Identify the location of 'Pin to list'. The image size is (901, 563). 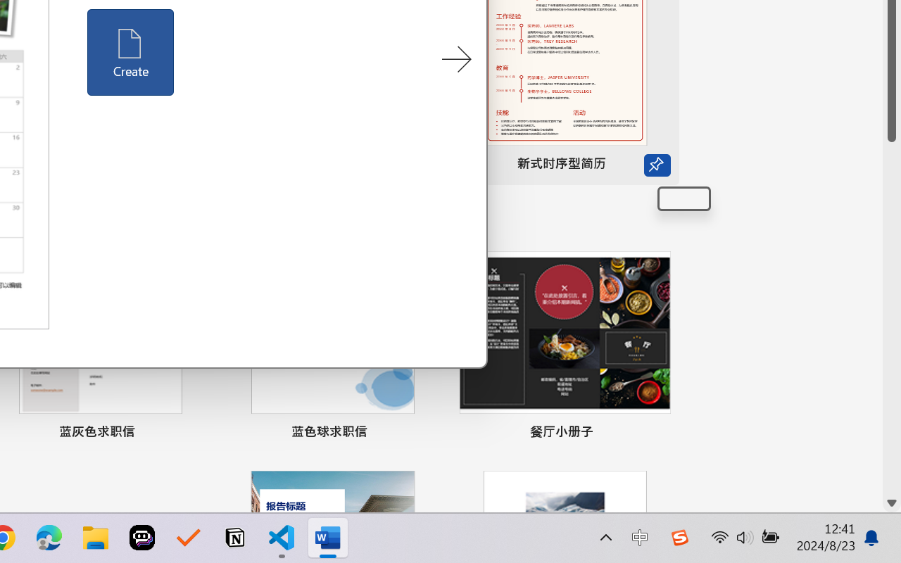
(657, 434).